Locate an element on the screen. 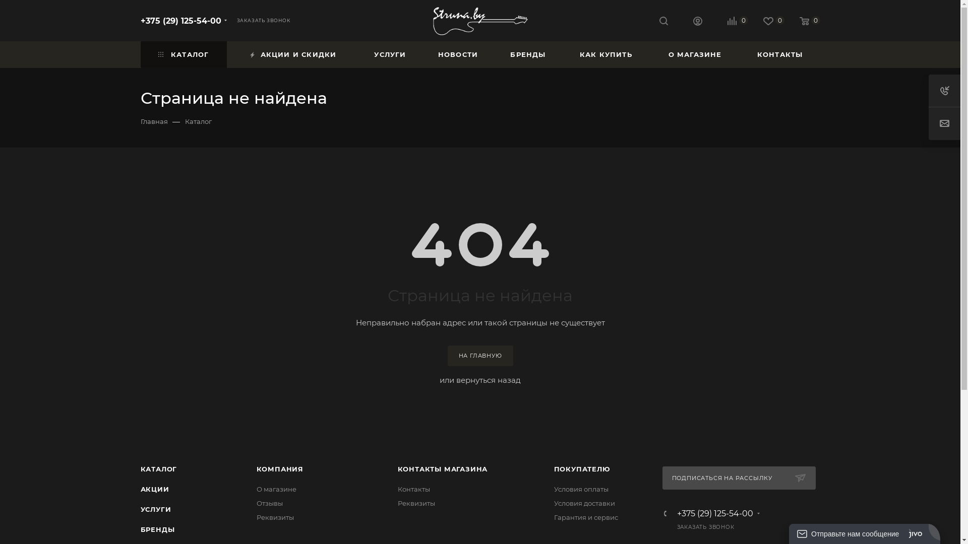  '0' is located at coordinates (766, 21).